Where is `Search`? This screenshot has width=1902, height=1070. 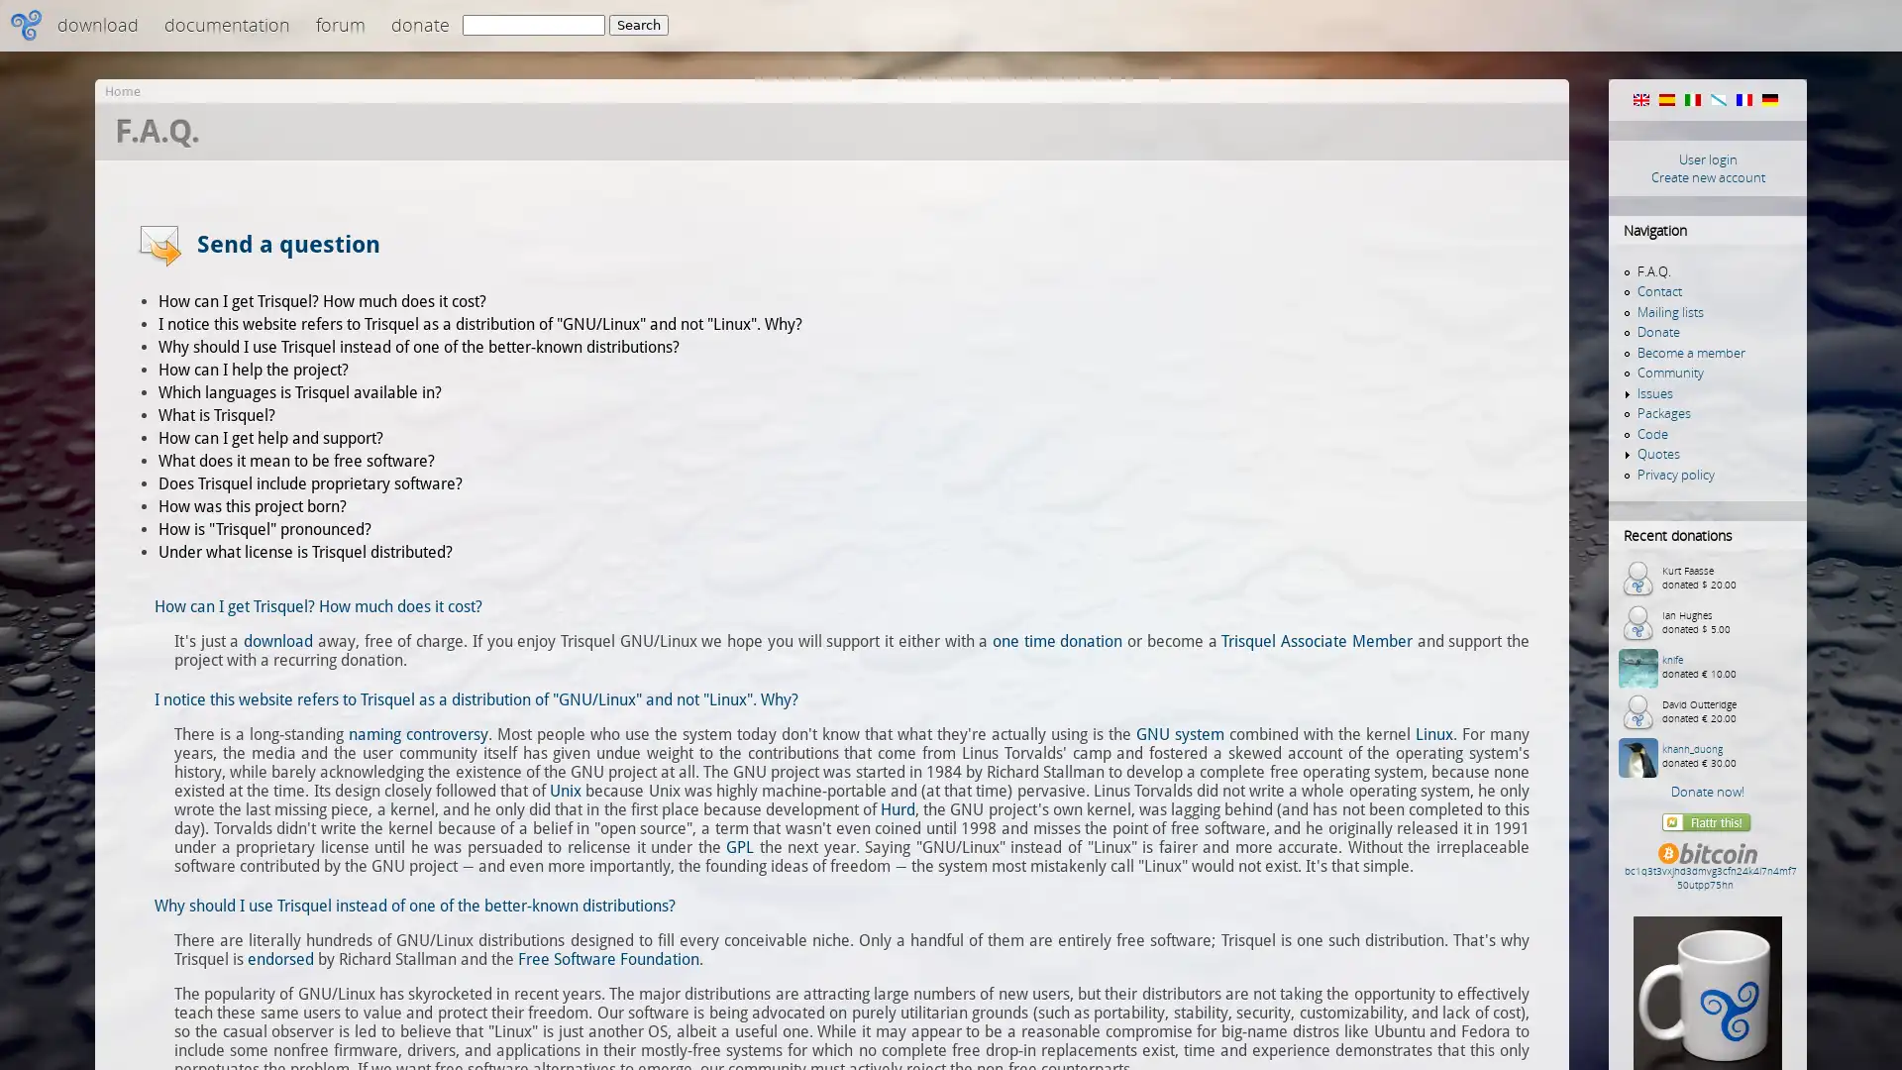 Search is located at coordinates (638, 25).